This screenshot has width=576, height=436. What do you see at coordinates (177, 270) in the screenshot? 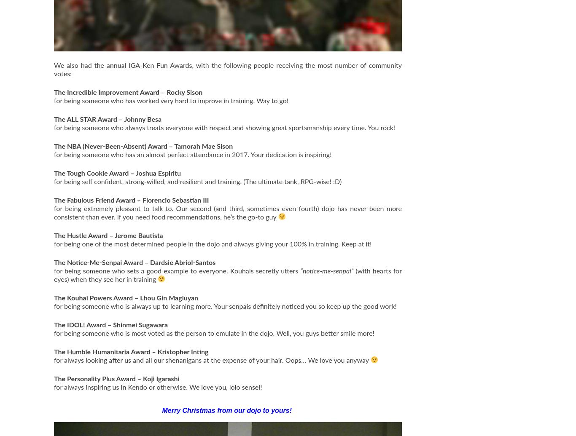
I see `'for being someone who sets a good example to everyone. Kouhais secretly utters'` at bounding box center [177, 270].